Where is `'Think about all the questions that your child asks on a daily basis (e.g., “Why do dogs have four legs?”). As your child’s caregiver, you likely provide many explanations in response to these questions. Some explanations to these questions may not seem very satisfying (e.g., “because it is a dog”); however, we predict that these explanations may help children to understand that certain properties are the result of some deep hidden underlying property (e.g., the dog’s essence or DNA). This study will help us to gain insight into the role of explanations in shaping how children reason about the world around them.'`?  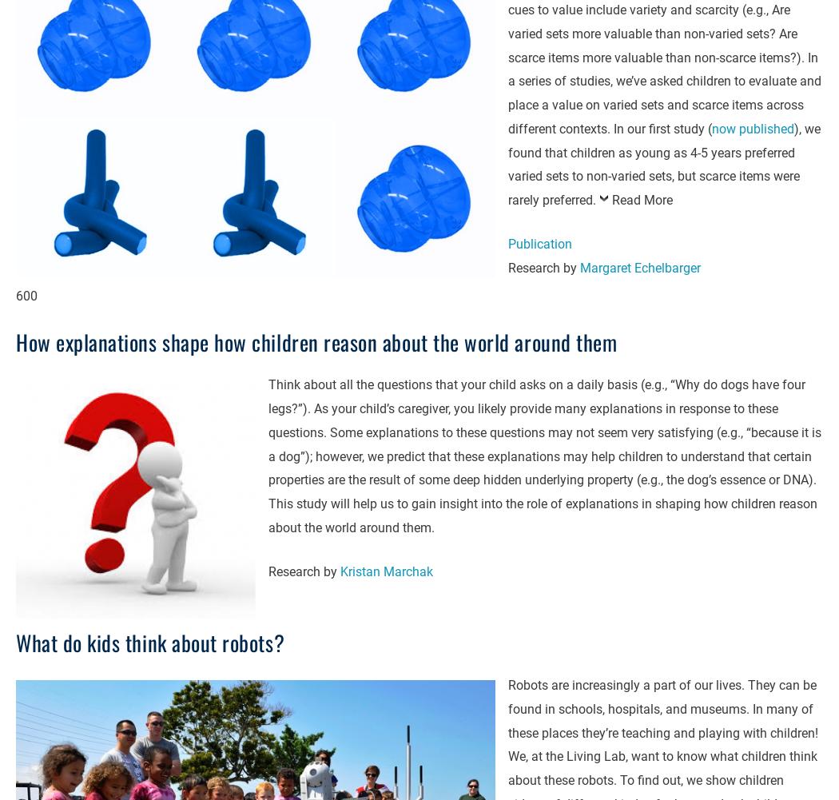 'Think about all the questions that your child asks on a daily basis (e.g., “Why do dogs have four legs?”). As your child’s caregiver, you likely provide many explanations in response to these questions. Some explanations to these questions may not seem very satisfying (e.g., “because it is a dog”); however, we predict that these explanations may help children to understand that certain properties are the result of some deep hidden underlying property (e.g., the dog’s essence or DNA). This study will help us to gain insight into the role of explanations in shaping how children reason about the world around them.' is located at coordinates (544, 455).